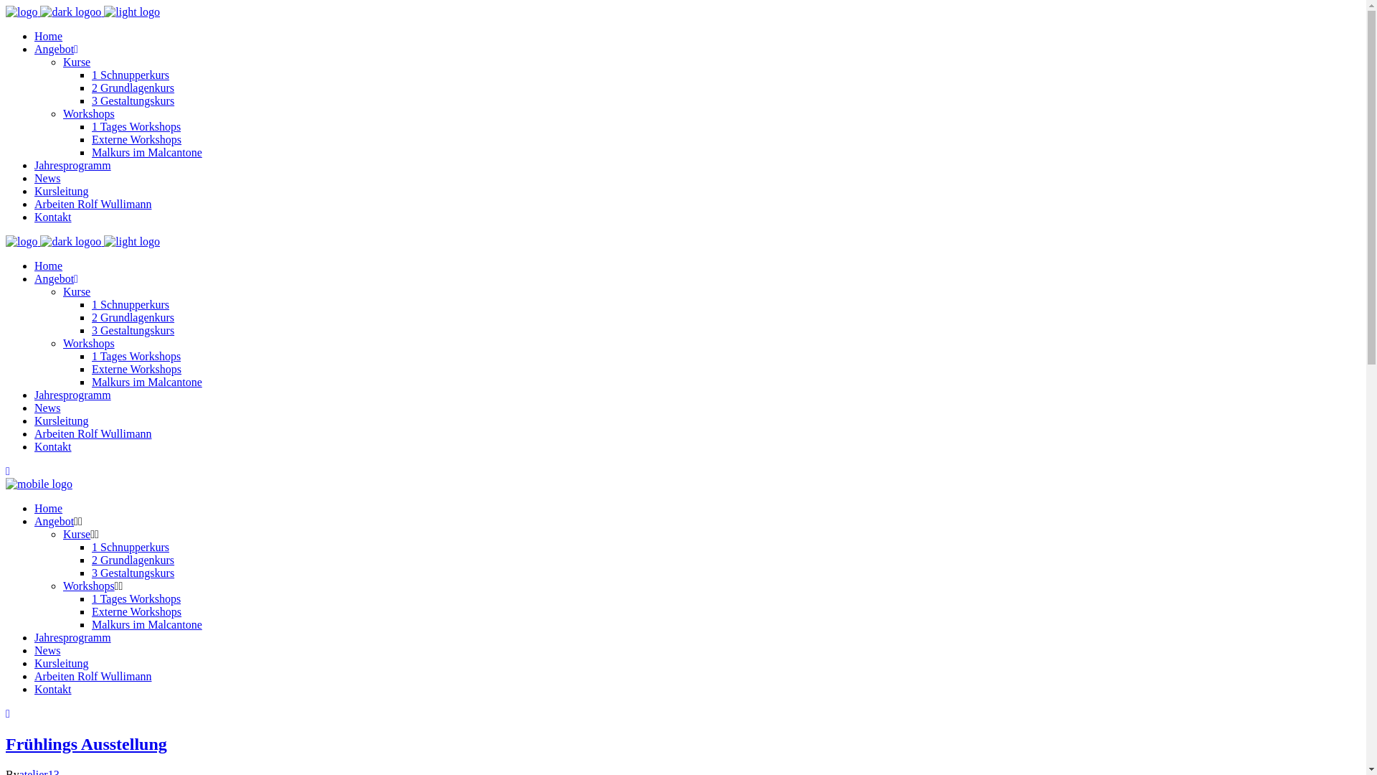 The image size is (1377, 775). What do you see at coordinates (52, 217) in the screenshot?
I see `'Kontakt'` at bounding box center [52, 217].